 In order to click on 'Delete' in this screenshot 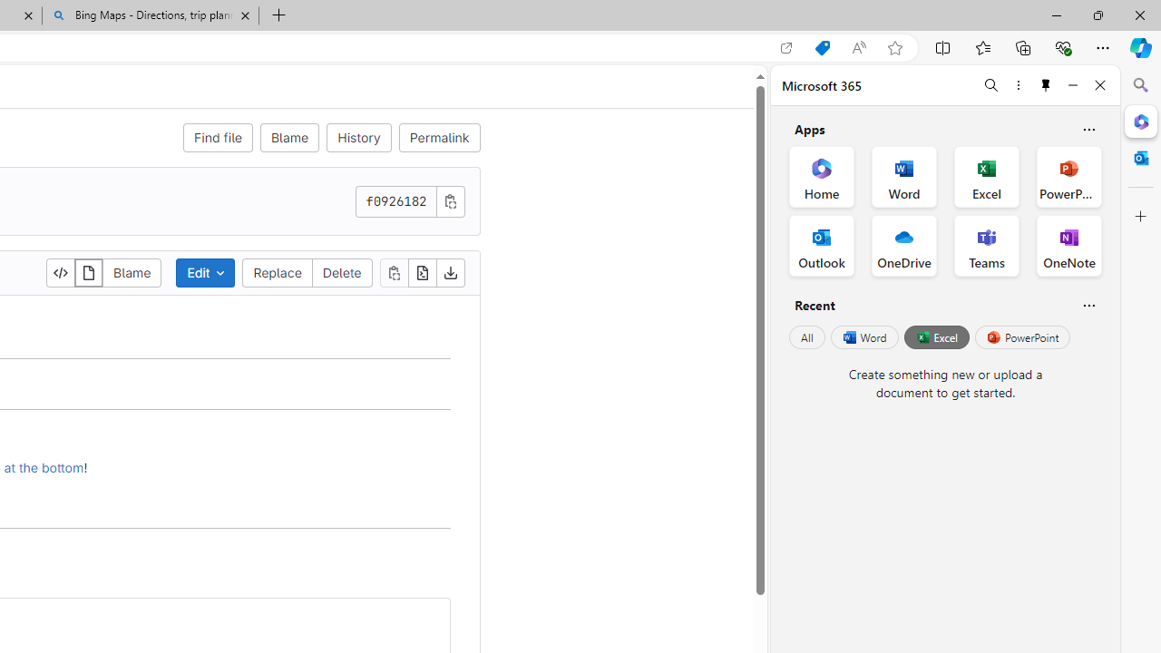, I will do `click(341, 272)`.